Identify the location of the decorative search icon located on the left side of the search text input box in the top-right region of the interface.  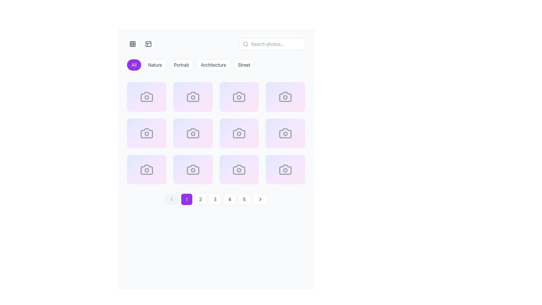
(245, 43).